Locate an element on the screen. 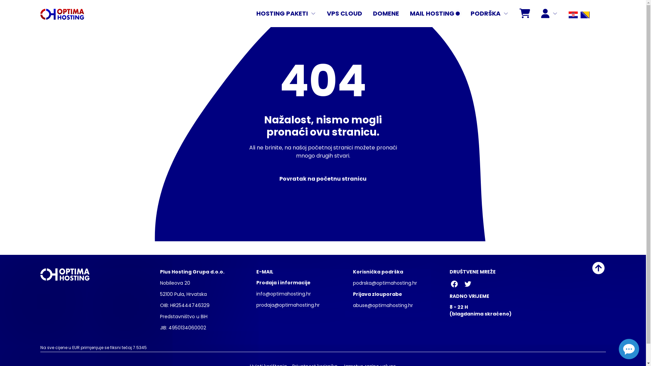  'DOMENE' is located at coordinates (386, 13).